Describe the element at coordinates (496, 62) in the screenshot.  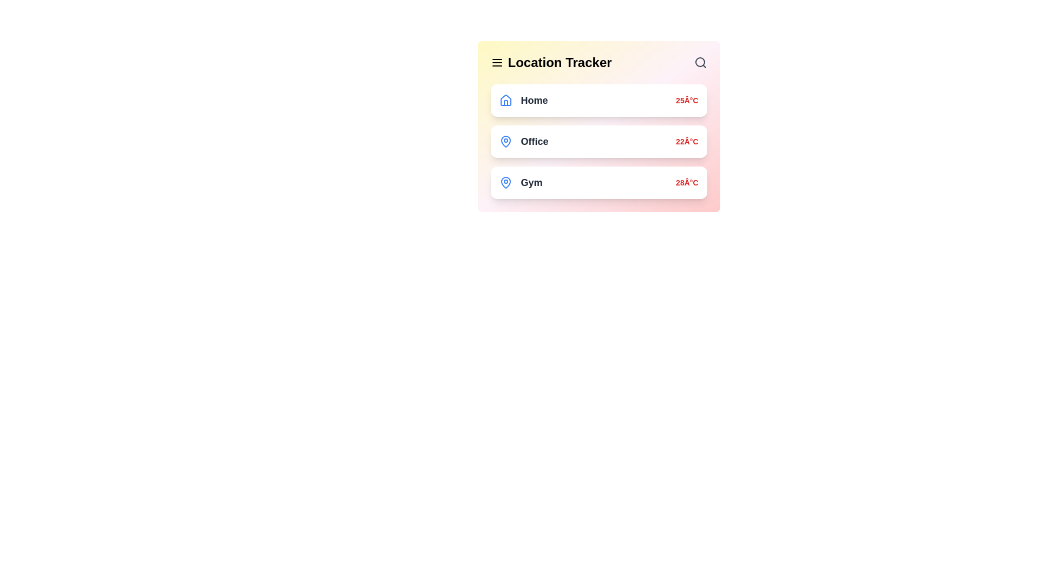
I see `the menu icon to open the navigation drawer` at that location.